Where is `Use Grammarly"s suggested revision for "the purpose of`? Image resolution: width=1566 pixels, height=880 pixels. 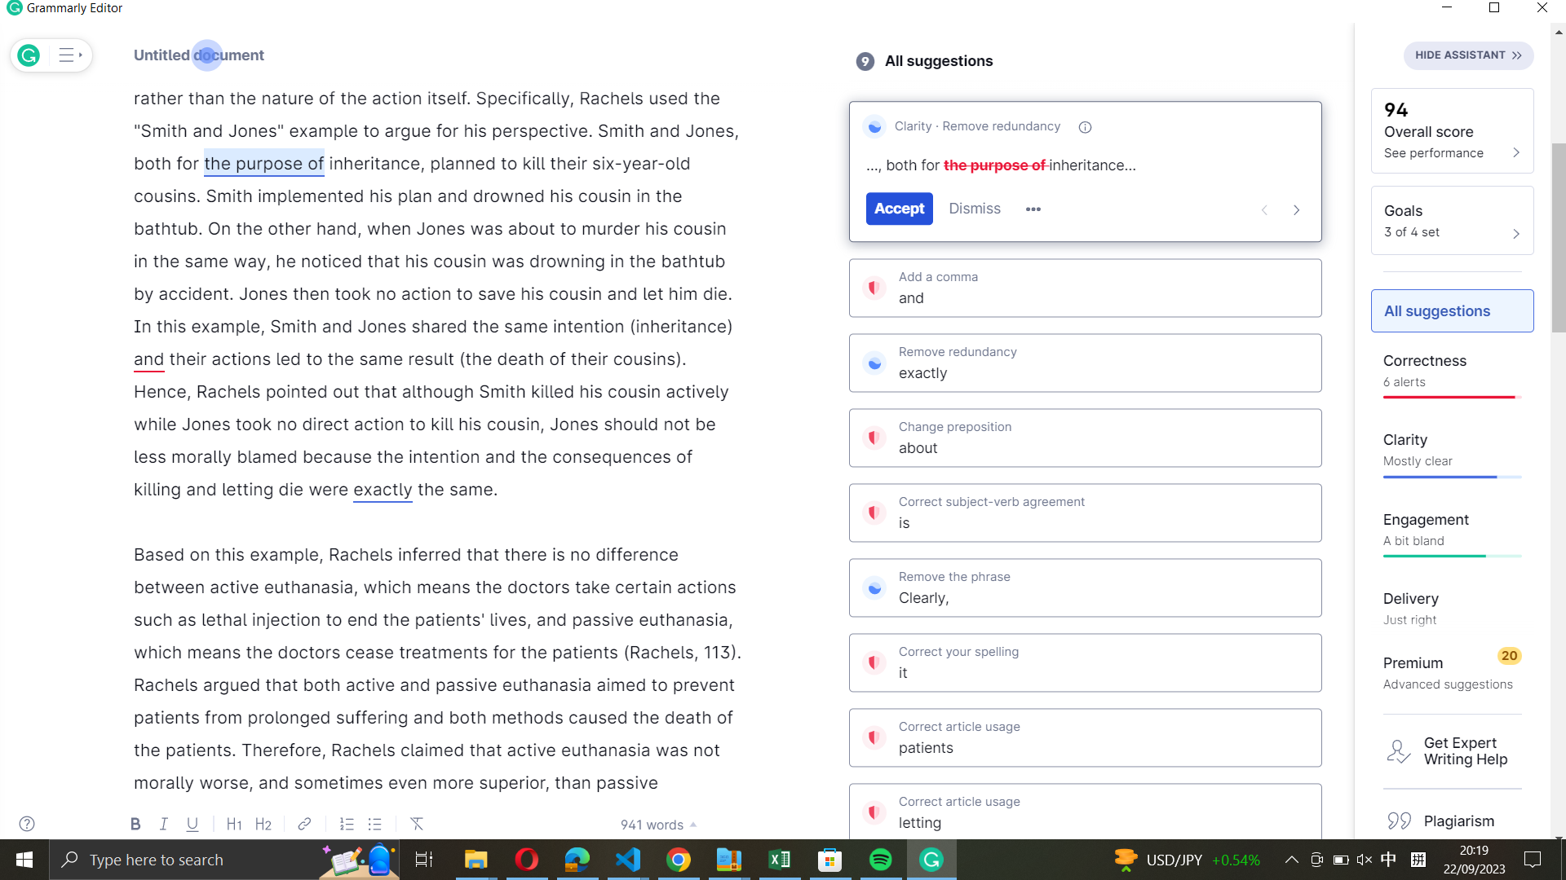
Use Grammarly"s suggested revision for "the purpose of is located at coordinates (897, 207).